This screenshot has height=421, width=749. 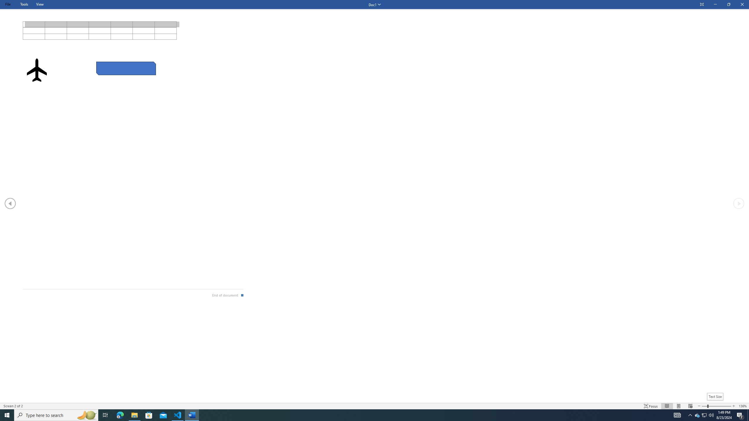 What do you see at coordinates (39, 4) in the screenshot?
I see `'View'` at bounding box center [39, 4].